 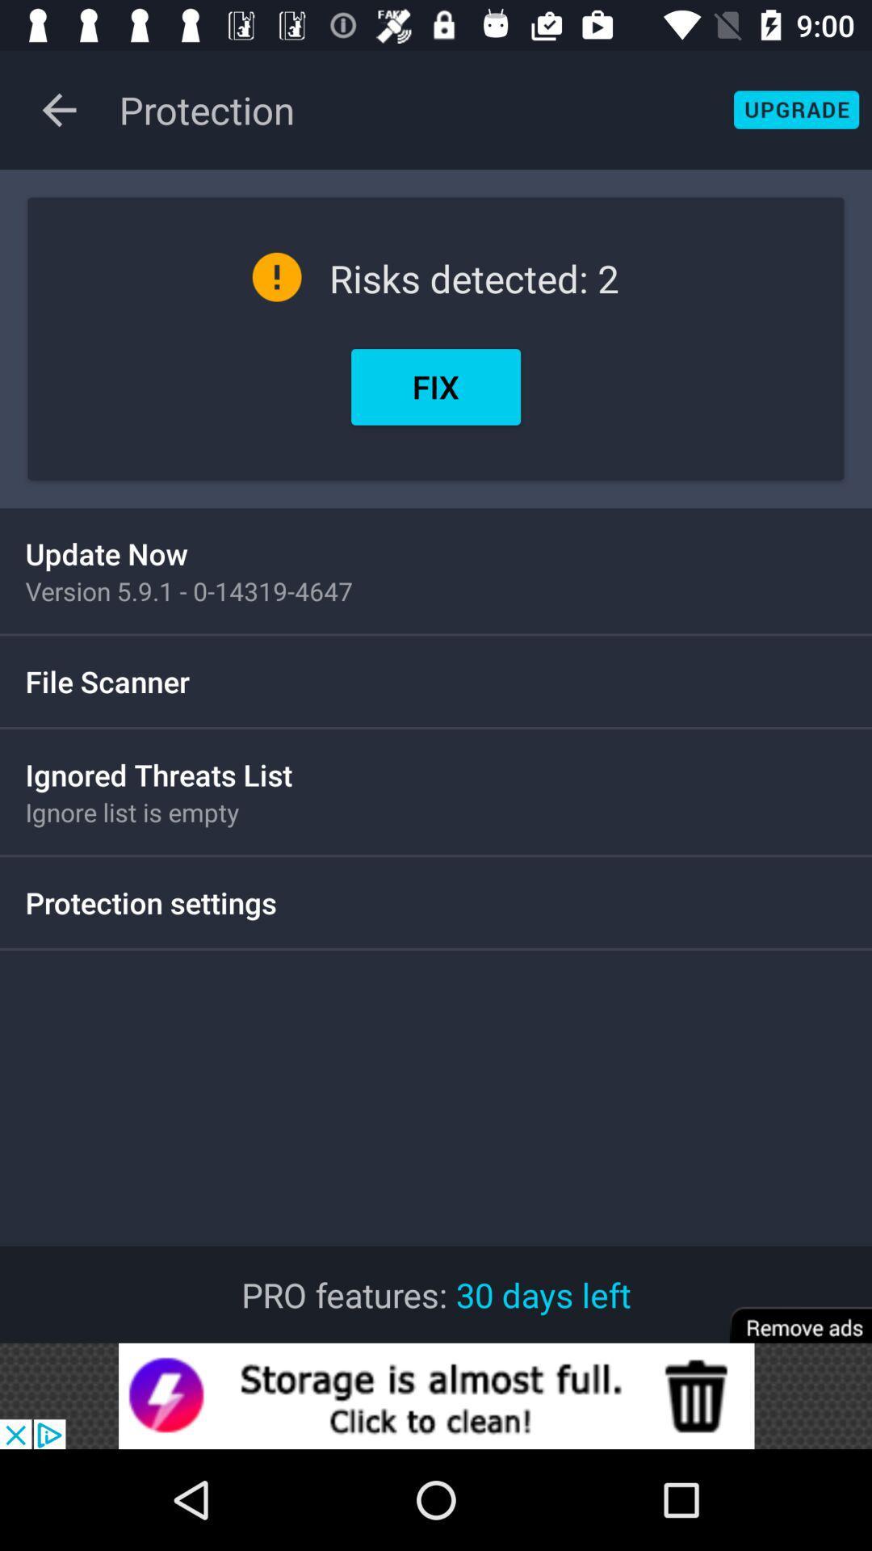 I want to click on previous, so click(x=58, y=109).